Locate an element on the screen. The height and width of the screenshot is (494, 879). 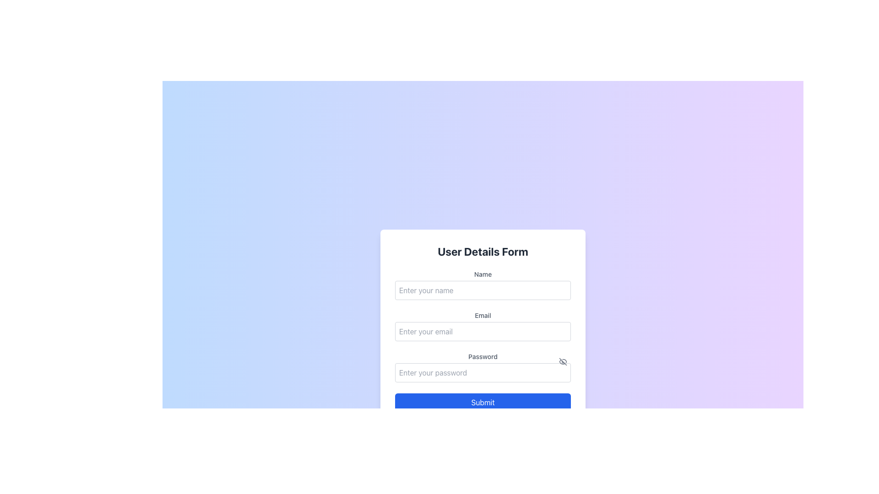
the Password Input Field with Visibility Toggle Button located in the 'User Details Form' is located at coordinates (483, 366).